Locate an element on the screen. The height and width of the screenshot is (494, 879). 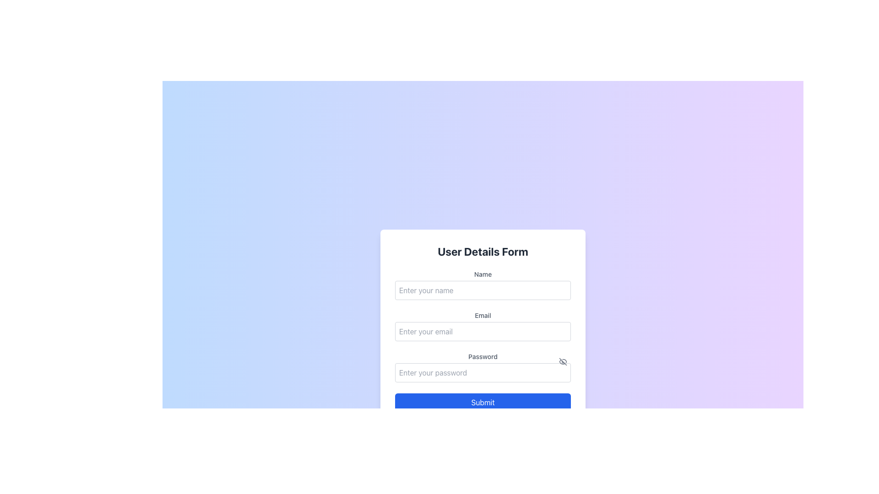
the Password Input Field with Visibility Toggle Button located in the 'User Details Form' is located at coordinates (483, 366).